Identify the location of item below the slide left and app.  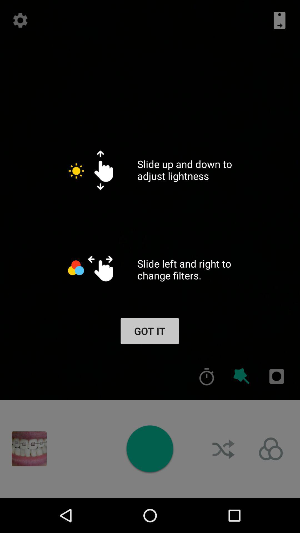
(241, 376).